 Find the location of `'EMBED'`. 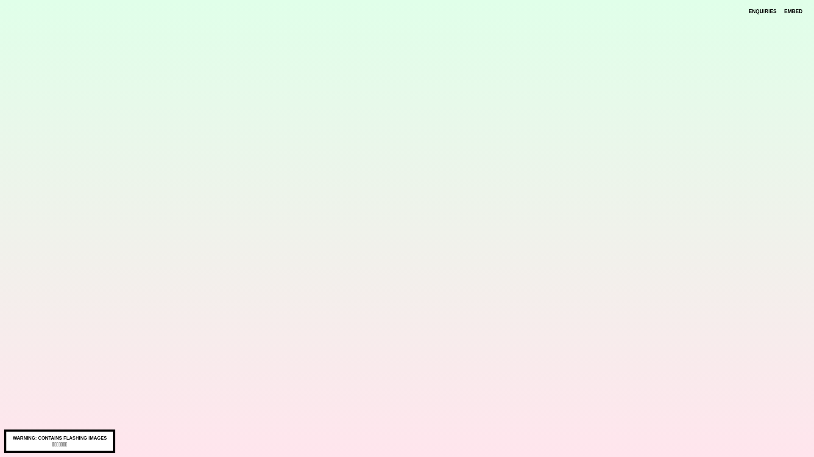

'EMBED' is located at coordinates (793, 11).